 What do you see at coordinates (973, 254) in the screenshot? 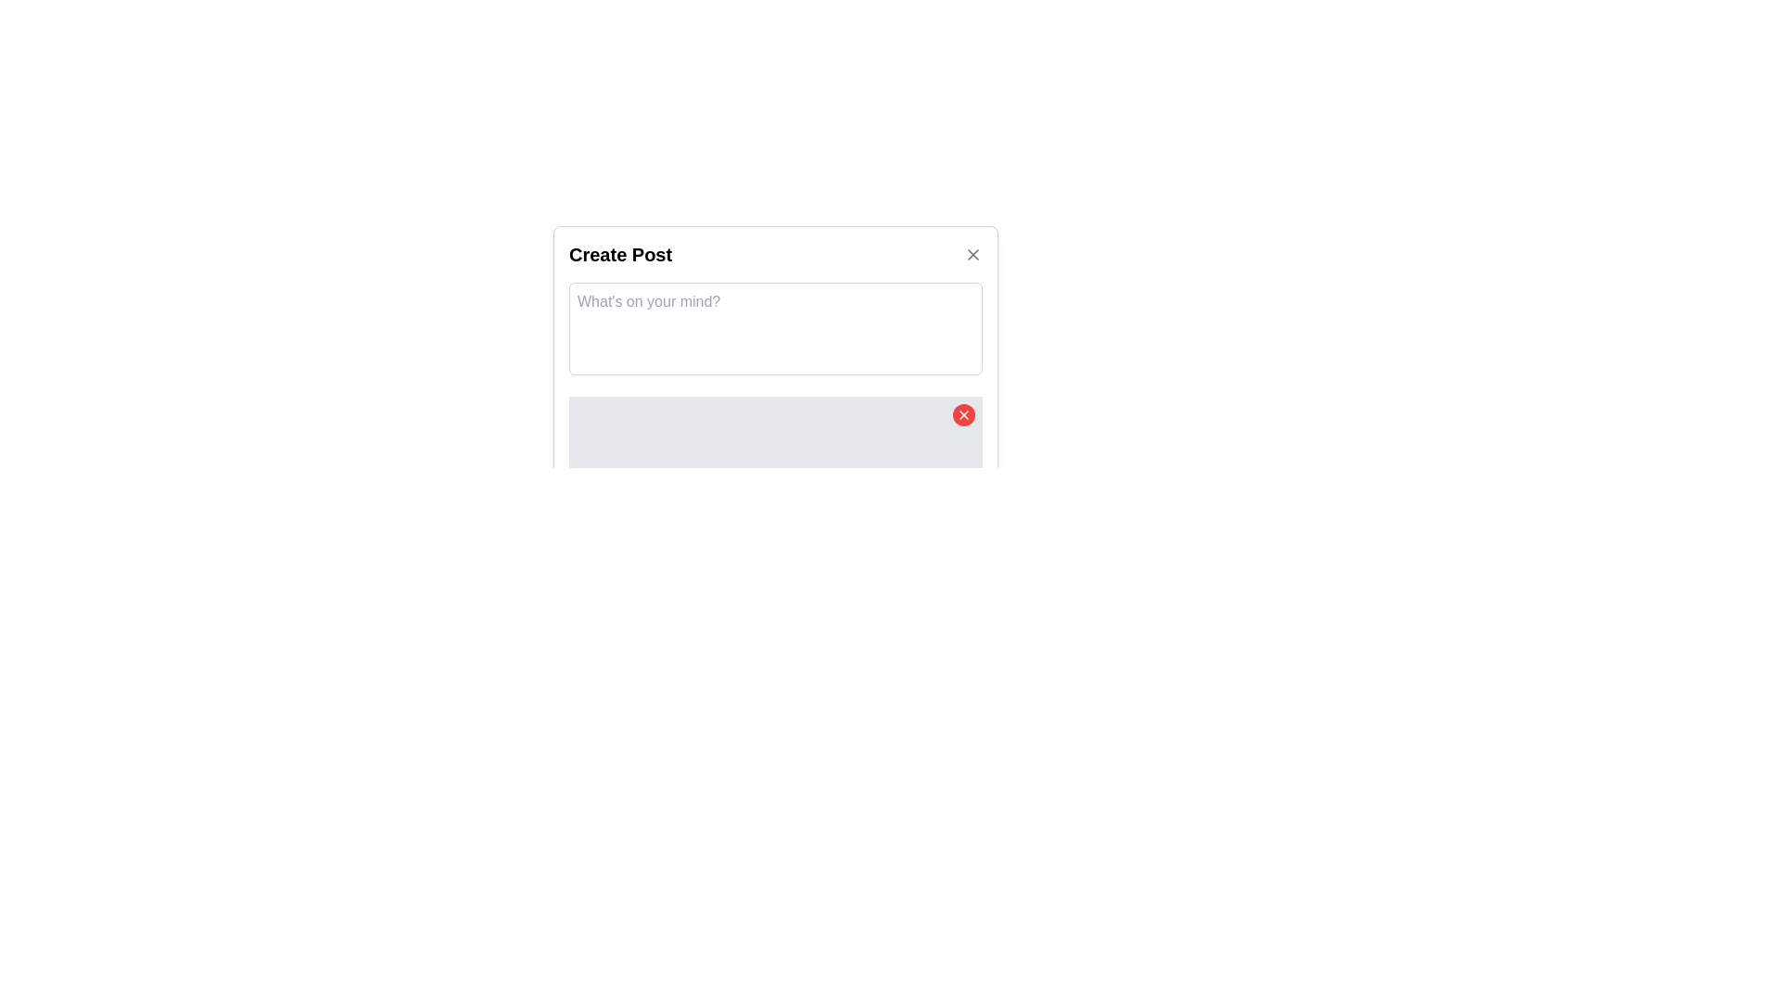
I see `the close button in the top-right corner of the 'Create Post' dialog` at bounding box center [973, 254].